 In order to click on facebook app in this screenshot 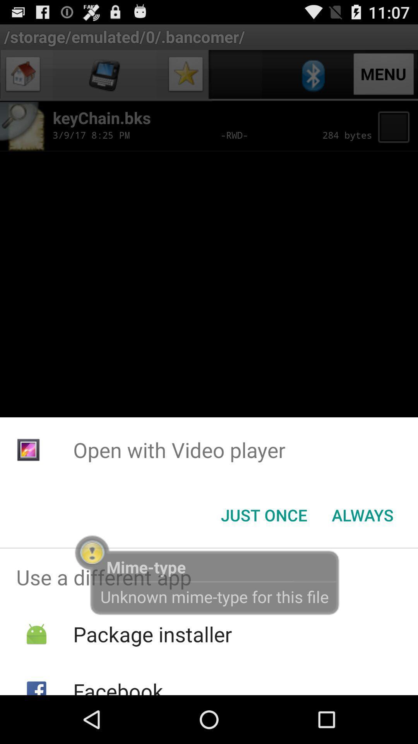, I will do `click(118, 686)`.